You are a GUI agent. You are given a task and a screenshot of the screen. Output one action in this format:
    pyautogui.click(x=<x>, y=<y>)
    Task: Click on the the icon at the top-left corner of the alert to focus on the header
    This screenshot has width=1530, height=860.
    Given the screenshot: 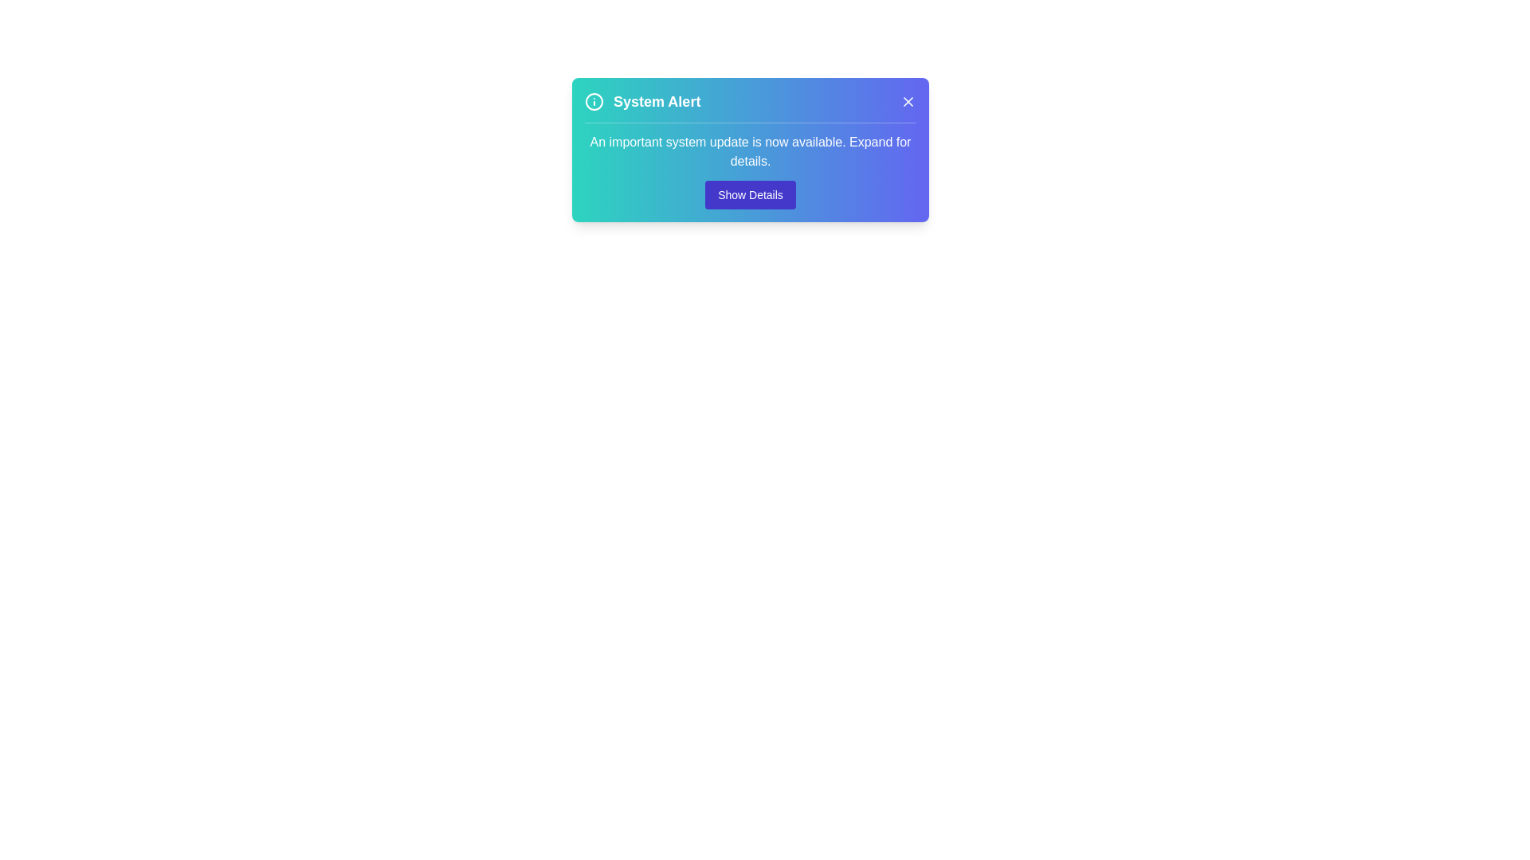 What is the action you would take?
    pyautogui.click(x=593, y=101)
    